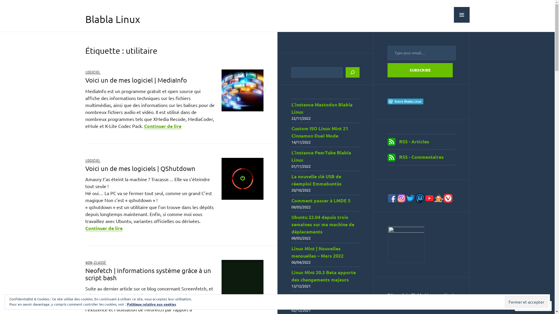 This screenshot has height=314, width=559. I want to click on 'Politique relative aux cookies', so click(151, 304).